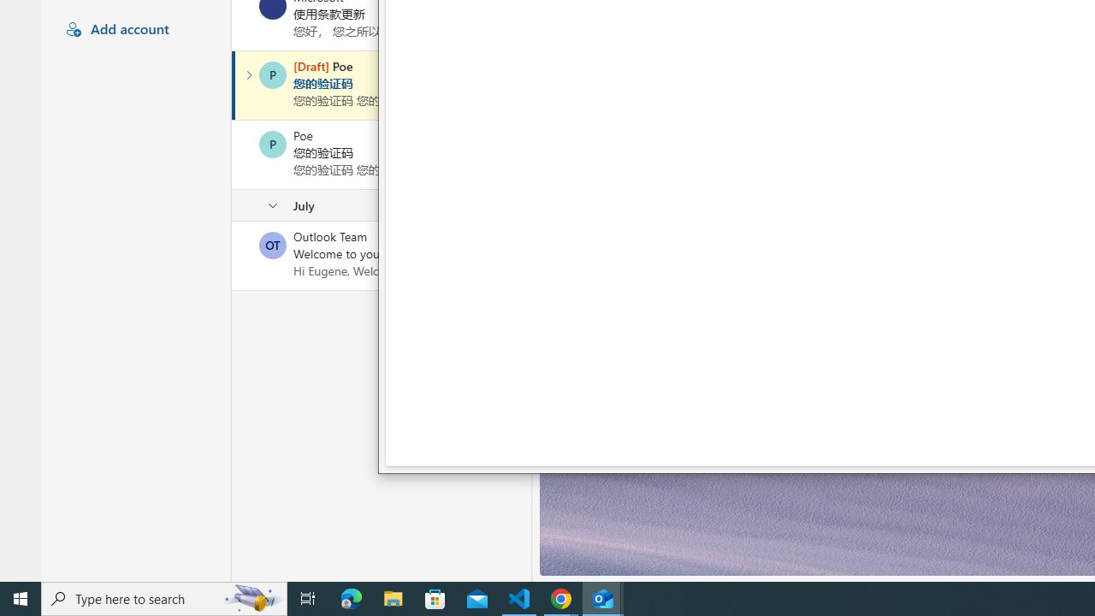 Image resolution: width=1095 pixels, height=616 pixels. Describe the element at coordinates (603, 597) in the screenshot. I see `'Outlook (new) - 2 running windows'` at that location.